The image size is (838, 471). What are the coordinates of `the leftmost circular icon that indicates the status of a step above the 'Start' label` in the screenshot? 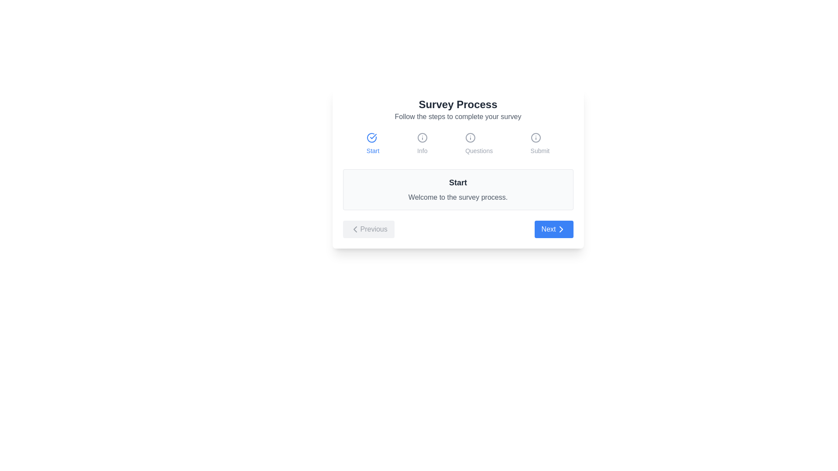 It's located at (373, 137).